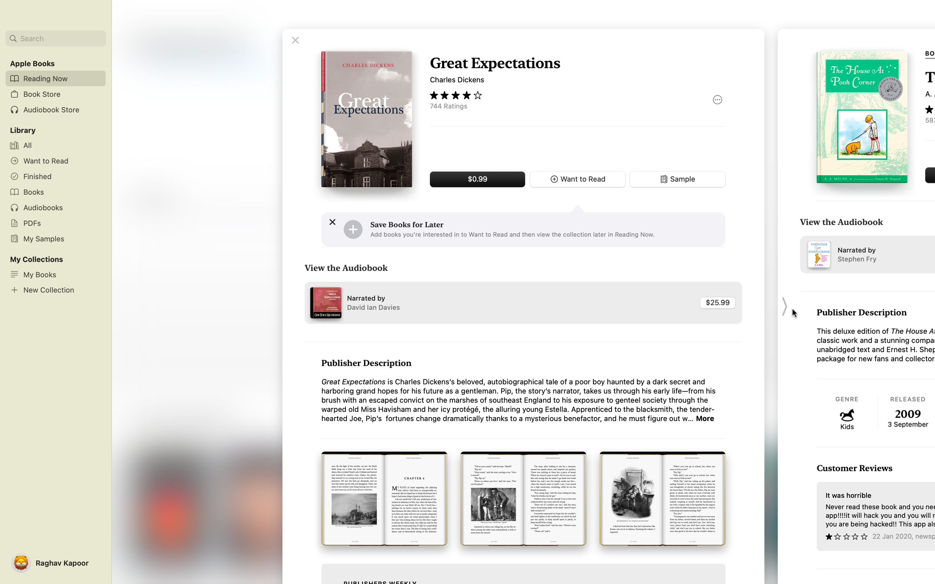 The height and width of the screenshot is (584, 935). I want to click on Delve deeper into the published book"s description, so click(705, 418).